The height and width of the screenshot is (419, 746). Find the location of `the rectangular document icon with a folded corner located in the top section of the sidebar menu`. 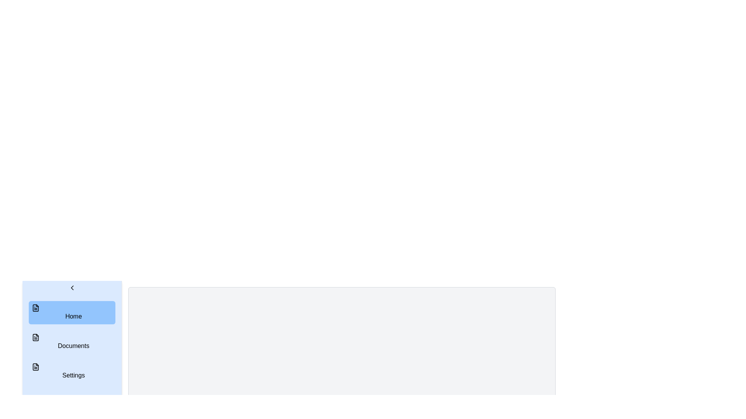

the rectangular document icon with a folded corner located in the top section of the sidebar menu is located at coordinates (35, 308).